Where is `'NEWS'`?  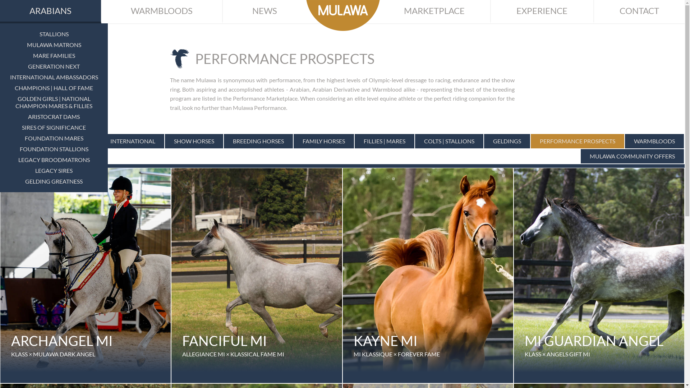 'NEWS' is located at coordinates (264, 11).